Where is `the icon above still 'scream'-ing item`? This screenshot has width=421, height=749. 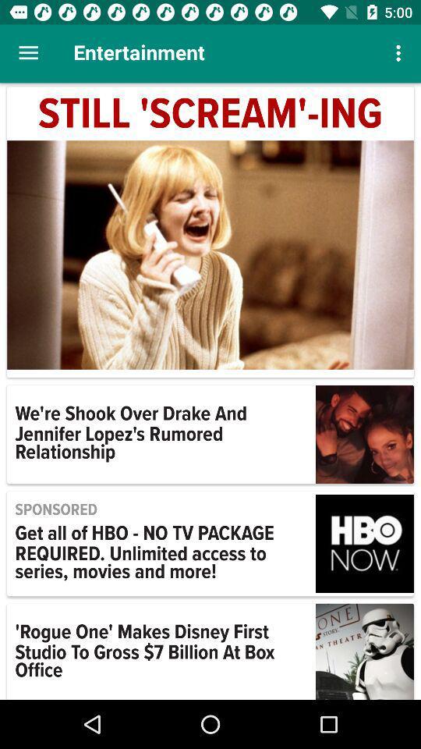
the icon above still 'scream'-ing item is located at coordinates (400, 53).